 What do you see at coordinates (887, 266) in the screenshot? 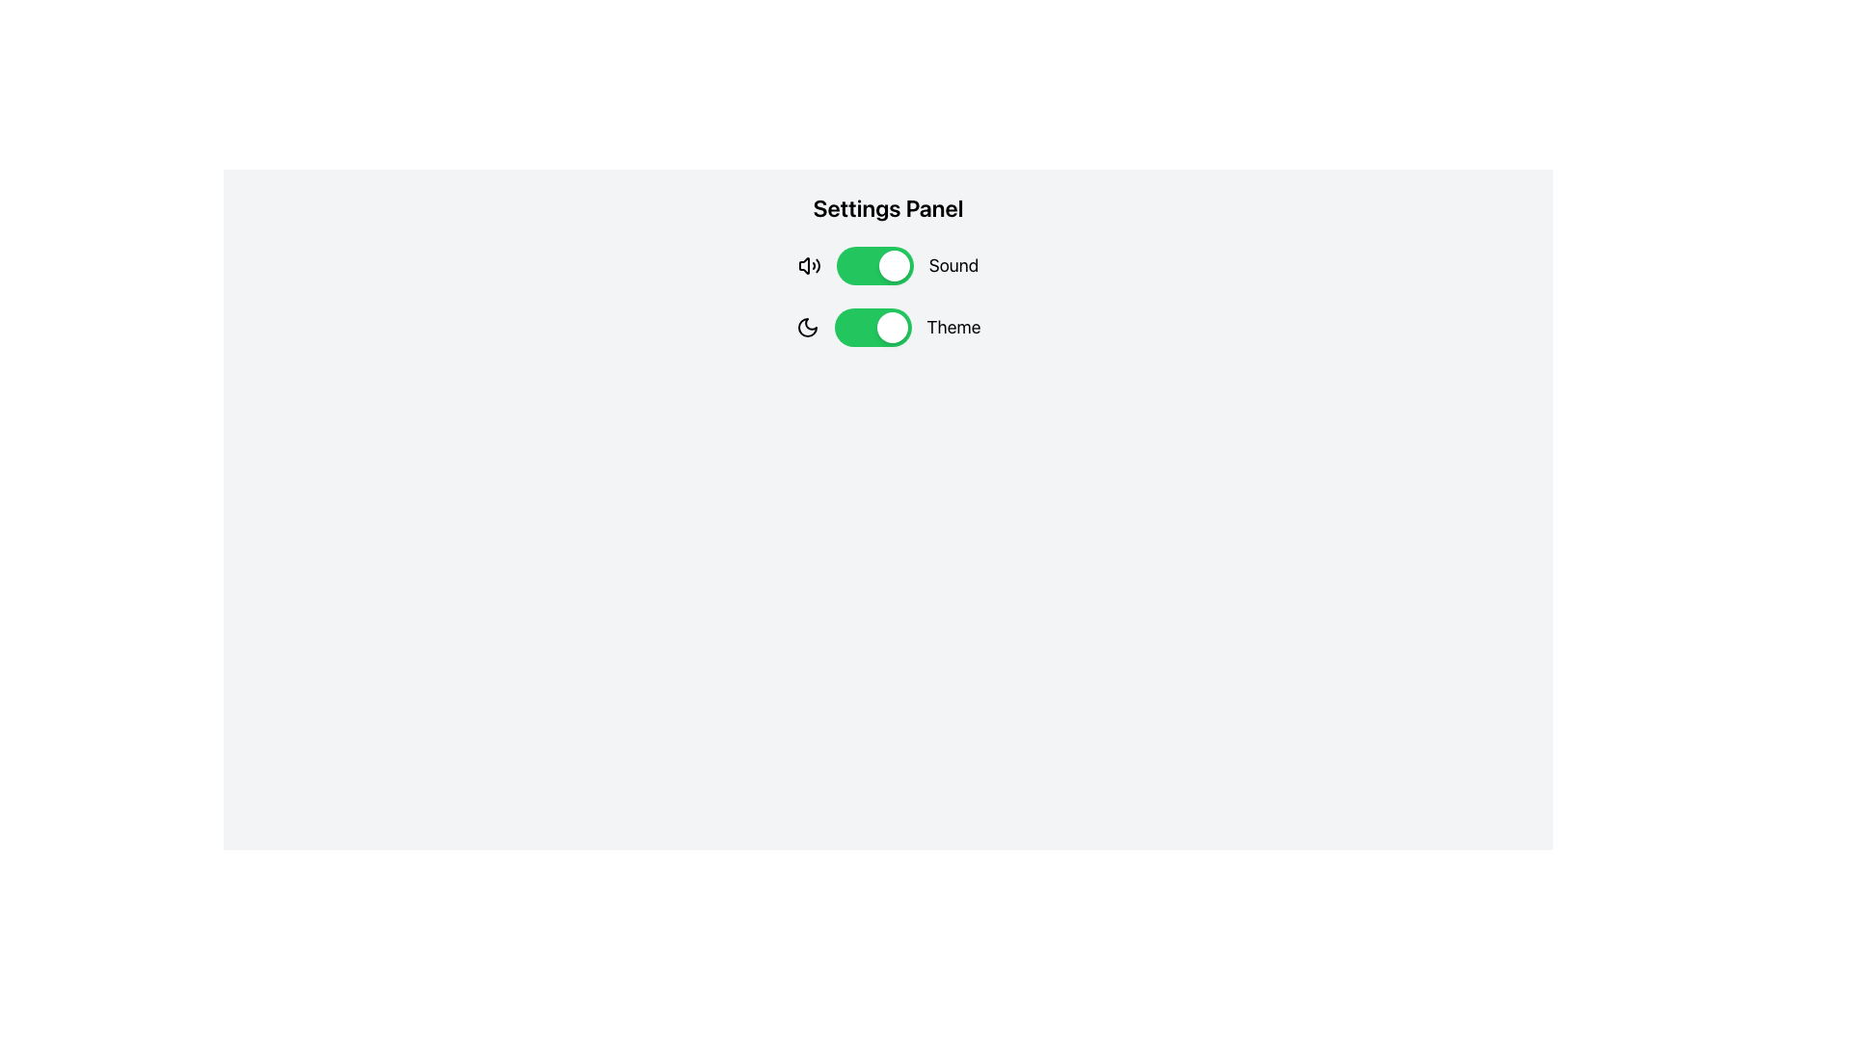
I see `the 'Sound' toggle switch, which is styled with a green background and a white circular knob` at bounding box center [887, 266].